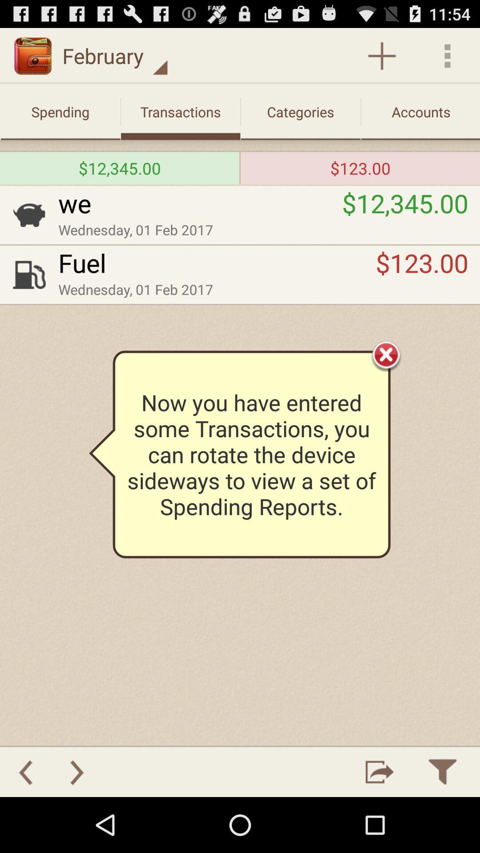 This screenshot has height=853, width=480. Describe the element at coordinates (380, 771) in the screenshot. I see `to rotate sideways` at that location.